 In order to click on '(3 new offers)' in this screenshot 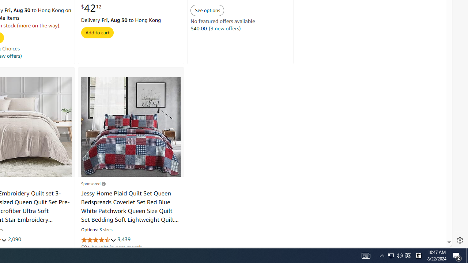, I will do `click(224, 28)`.